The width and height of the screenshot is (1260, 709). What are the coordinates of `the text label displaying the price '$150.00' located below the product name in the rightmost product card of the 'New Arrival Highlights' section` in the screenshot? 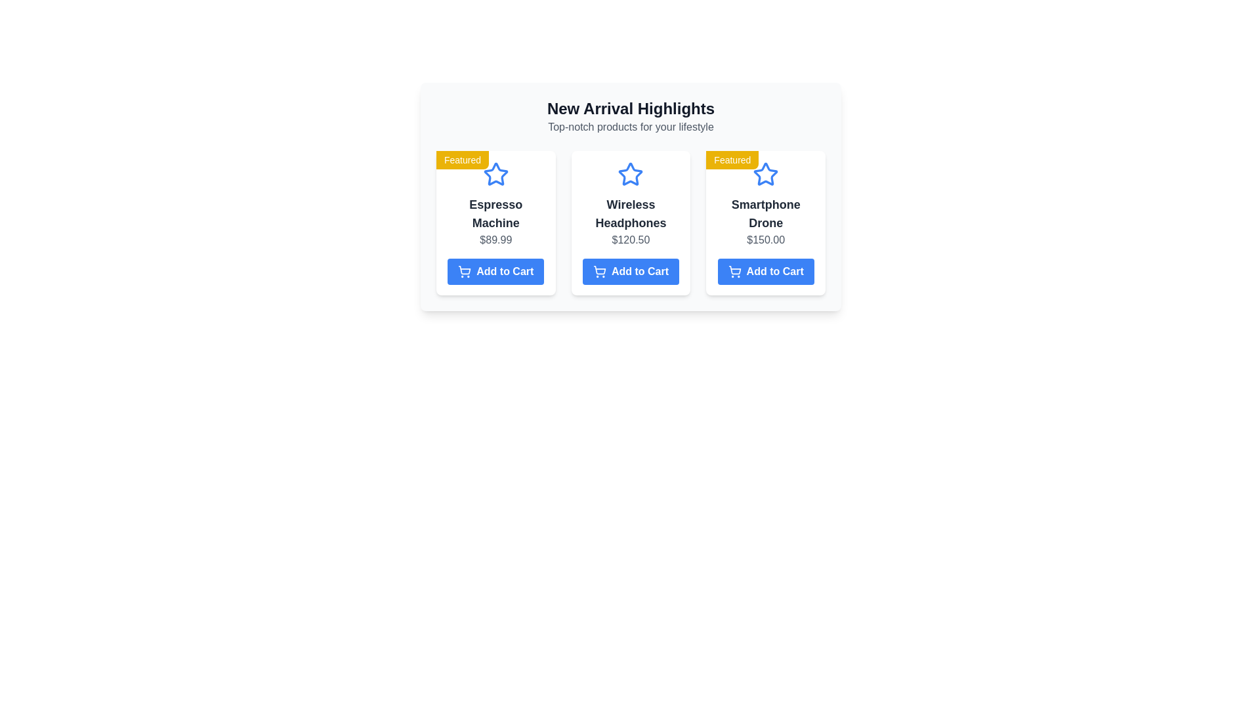 It's located at (766, 240).